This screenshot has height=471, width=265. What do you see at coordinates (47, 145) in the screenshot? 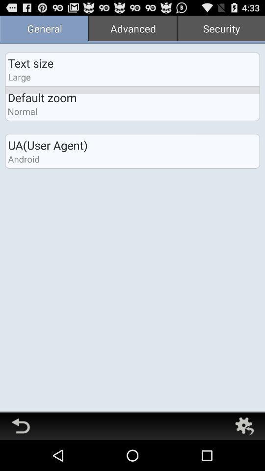
I see `the icon above android item` at bounding box center [47, 145].